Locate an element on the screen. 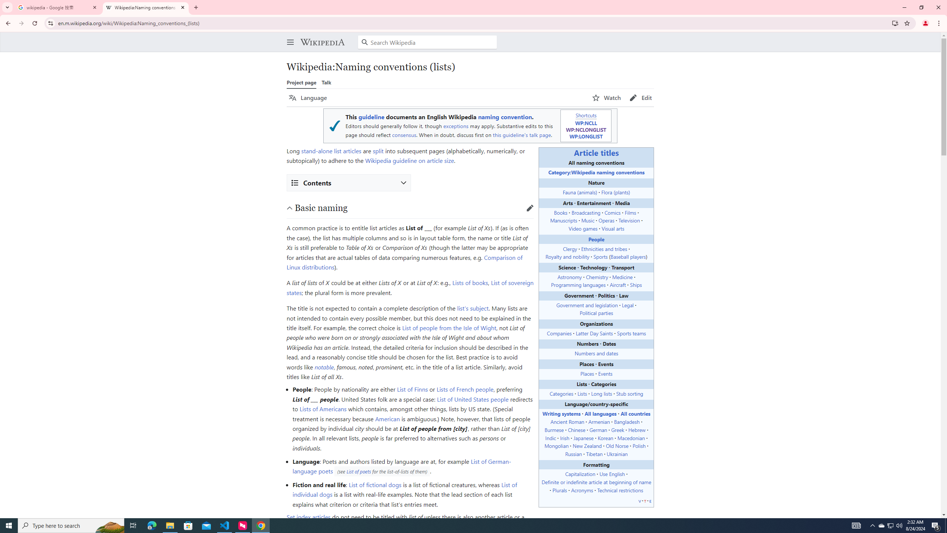  'split' is located at coordinates (377, 150).